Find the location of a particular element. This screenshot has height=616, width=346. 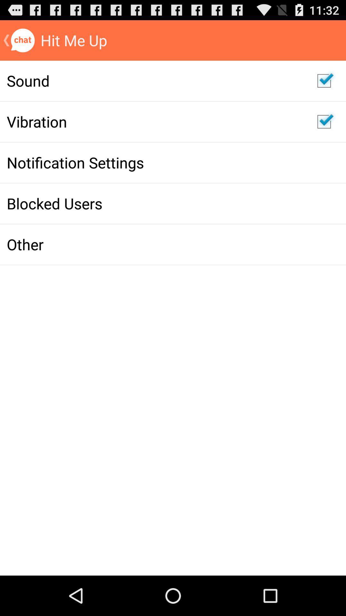

blocked users icon is located at coordinates (155, 203).